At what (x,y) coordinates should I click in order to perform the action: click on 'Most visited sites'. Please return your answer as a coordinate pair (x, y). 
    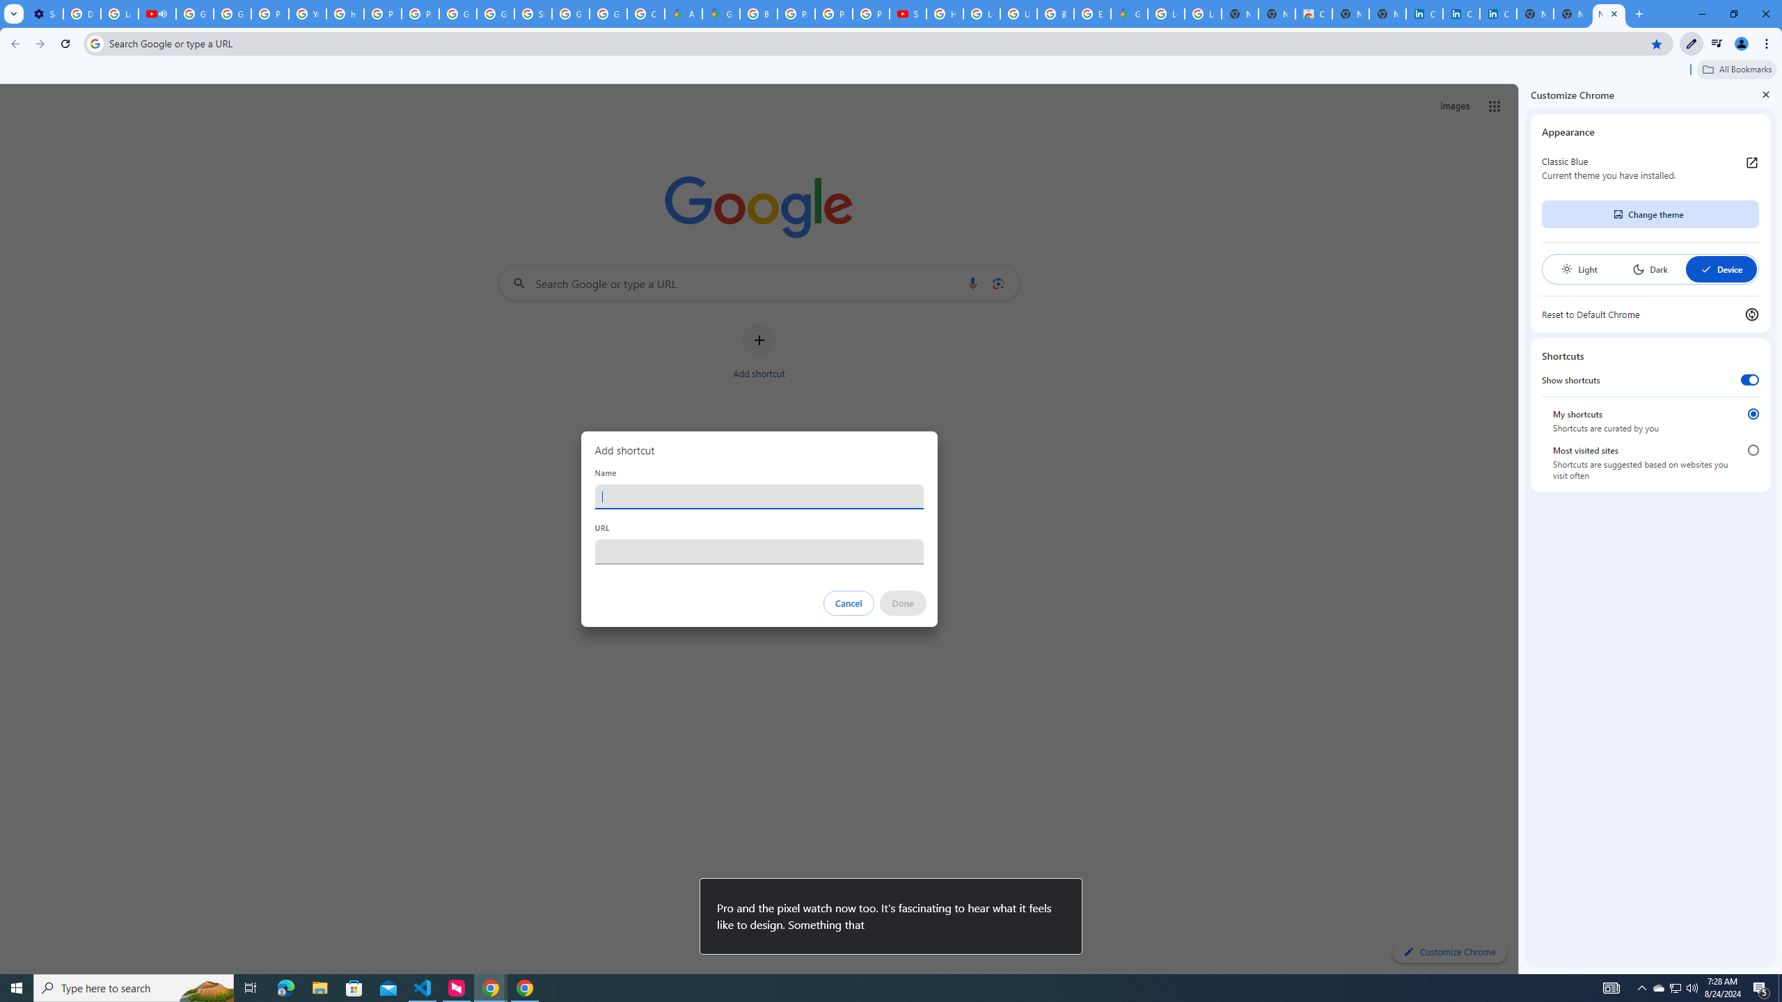
    Looking at the image, I should click on (1753, 450).